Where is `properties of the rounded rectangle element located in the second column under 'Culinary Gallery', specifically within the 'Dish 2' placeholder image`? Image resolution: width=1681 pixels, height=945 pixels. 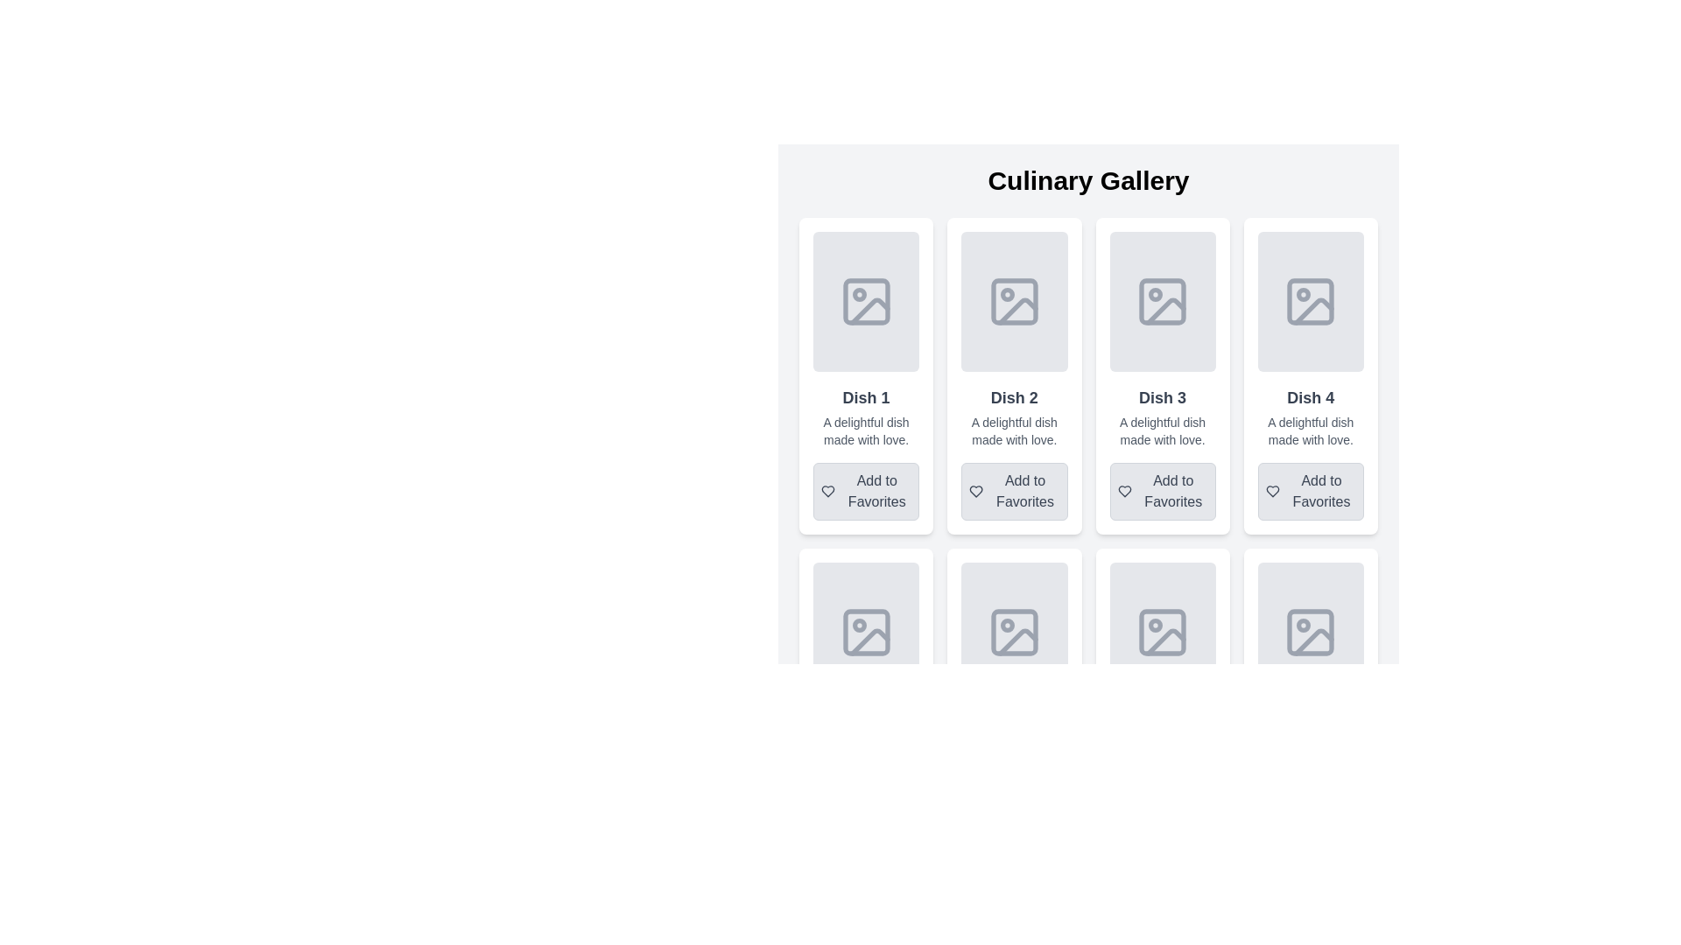 properties of the rounded rectangle element located in the second column under 'Culinary Gallery', specifically within the 'Dish 2' placeholder image is located at coordinates (1014, 300).